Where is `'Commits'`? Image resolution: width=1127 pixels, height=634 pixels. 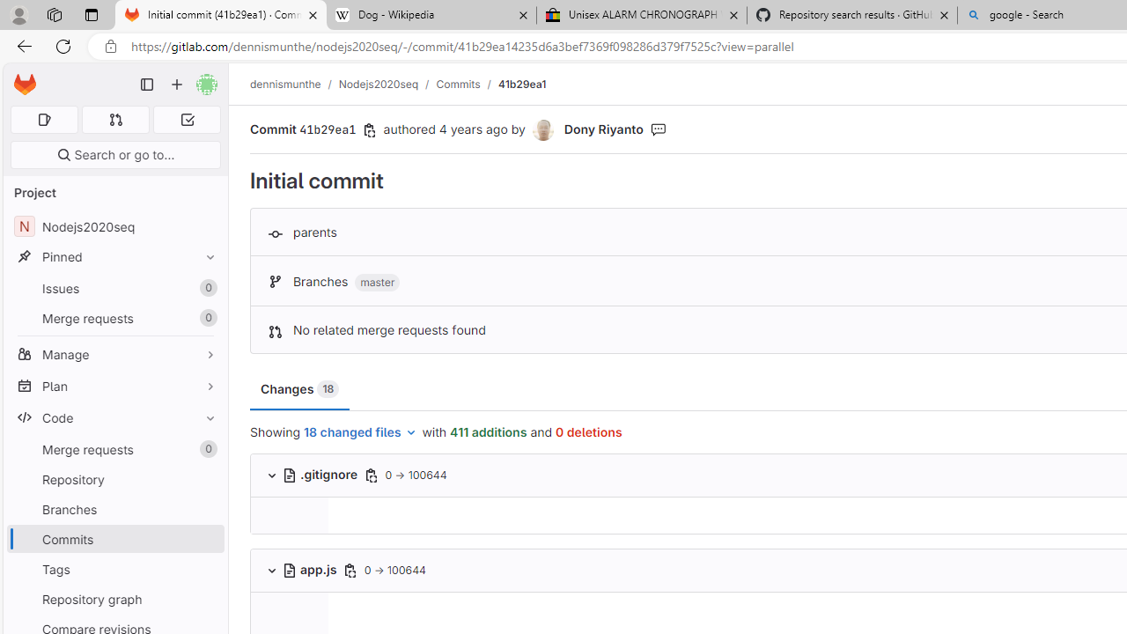 'Commits' is located at coordinates (458, 84).